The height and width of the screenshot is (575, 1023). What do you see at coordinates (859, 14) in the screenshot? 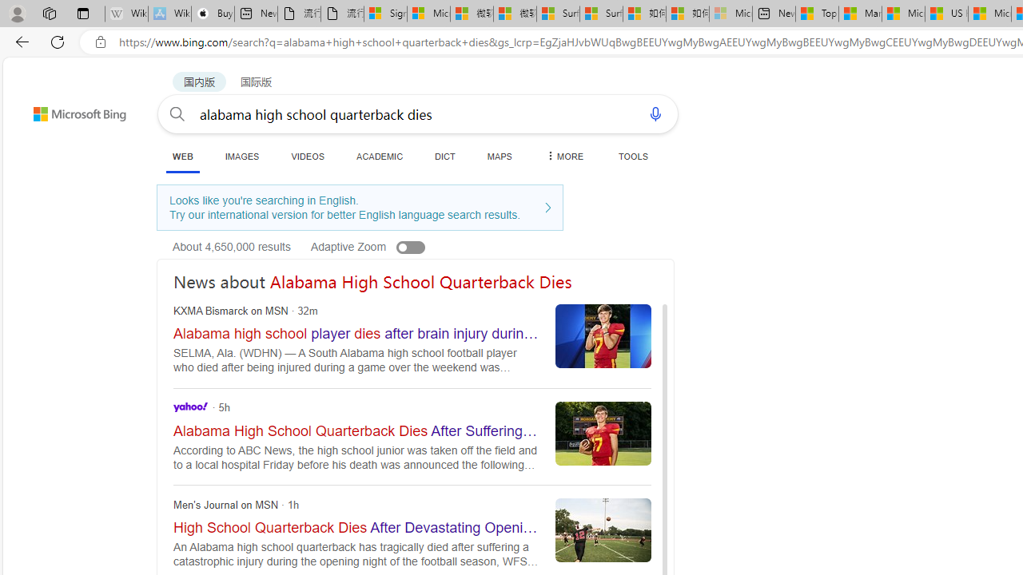
I see `'Marine life - MSN'` at bounding box center [859, 14].